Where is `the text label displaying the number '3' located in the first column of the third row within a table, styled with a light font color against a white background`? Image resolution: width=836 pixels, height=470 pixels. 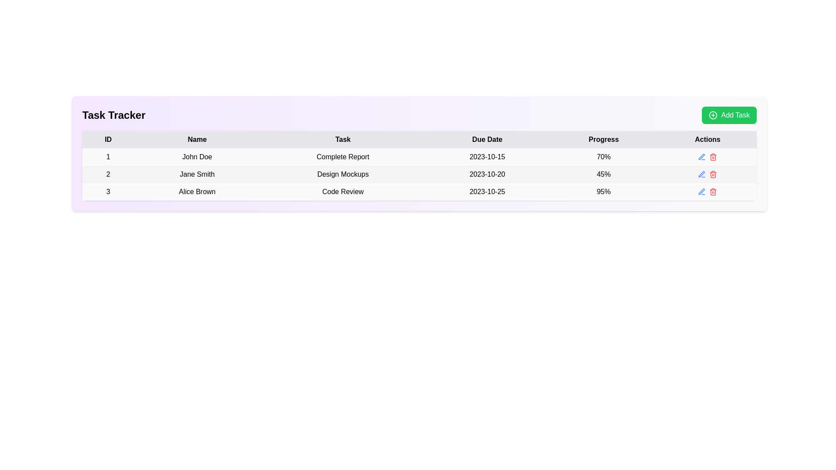
the text label displaying the number '3' located in the first column of the third row within a table, styled with a light font color against a white background is located at coordinates (108, 191).